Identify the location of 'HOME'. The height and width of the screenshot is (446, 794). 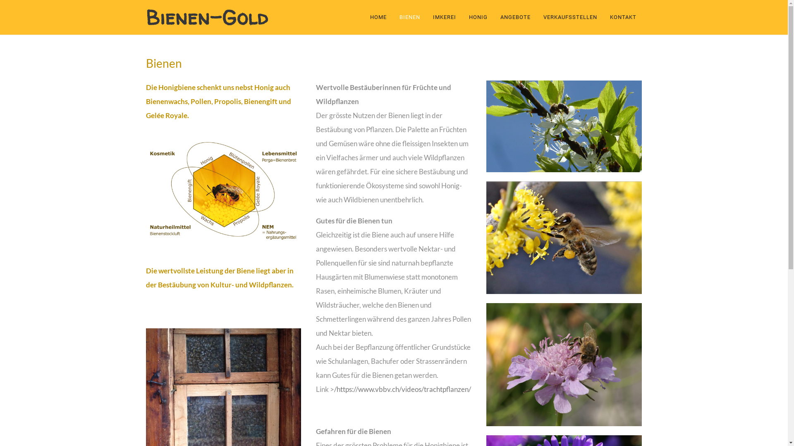
(380, 17).